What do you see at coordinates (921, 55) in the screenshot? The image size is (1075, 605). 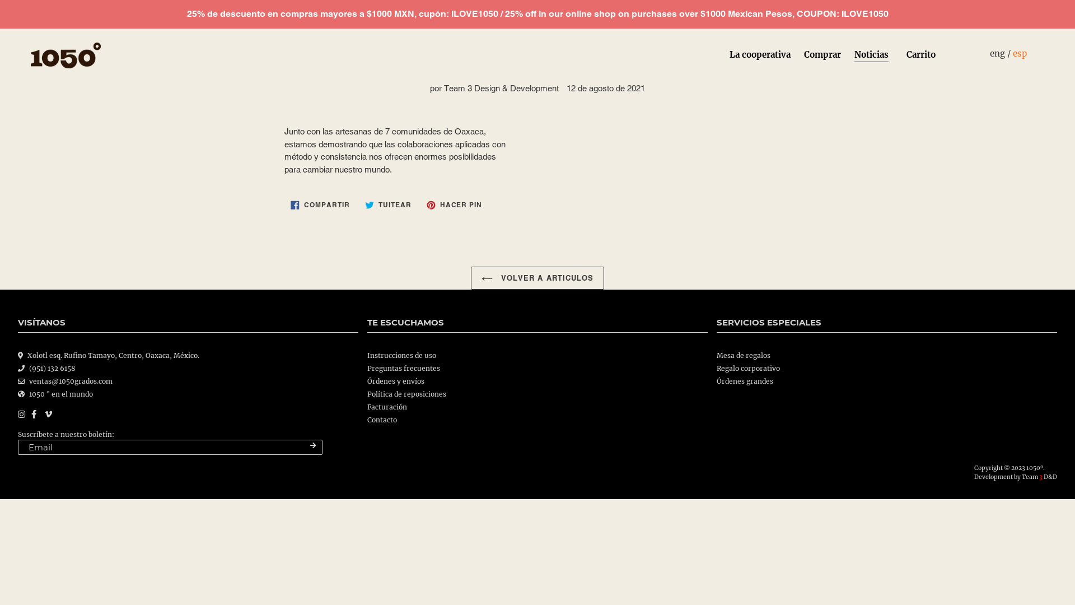 I see `'Carrito'` at bounding box center [921, 55].